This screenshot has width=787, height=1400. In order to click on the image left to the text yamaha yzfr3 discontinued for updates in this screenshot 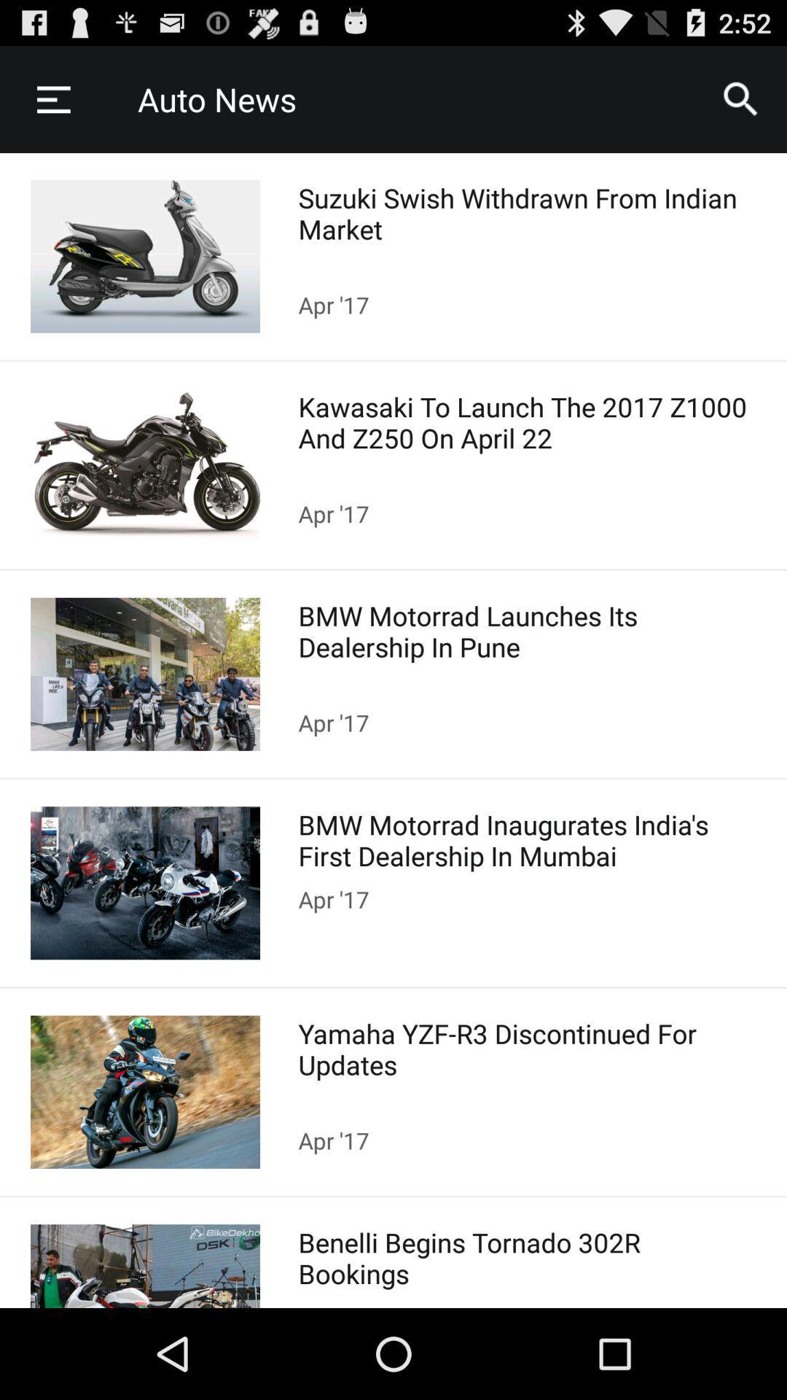, I will do `click(145, 1092)`.